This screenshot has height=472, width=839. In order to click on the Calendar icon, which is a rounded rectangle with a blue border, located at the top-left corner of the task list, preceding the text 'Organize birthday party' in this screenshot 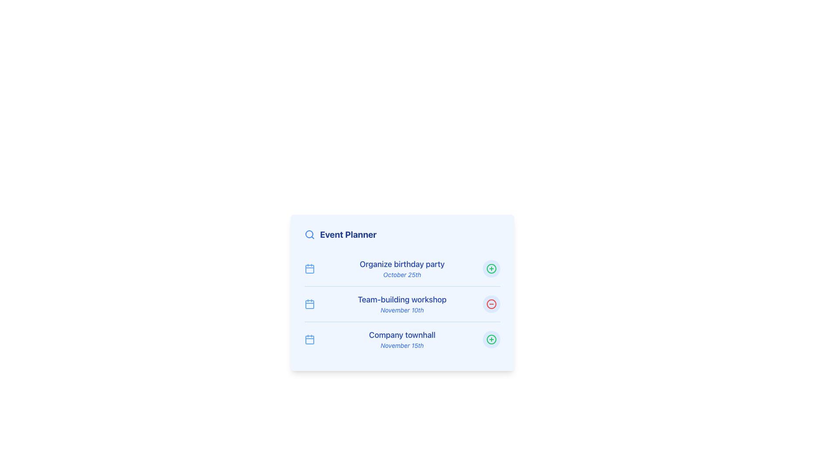, I will do `click(309, 269)`.